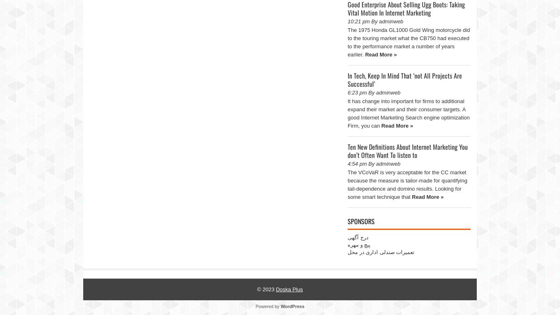 The height and width of the screenshot is (315, 560). What do you see at coordinates (360, 221) in the screenshot?
I see `'Sponsors'` at bounding box center [360, 221].